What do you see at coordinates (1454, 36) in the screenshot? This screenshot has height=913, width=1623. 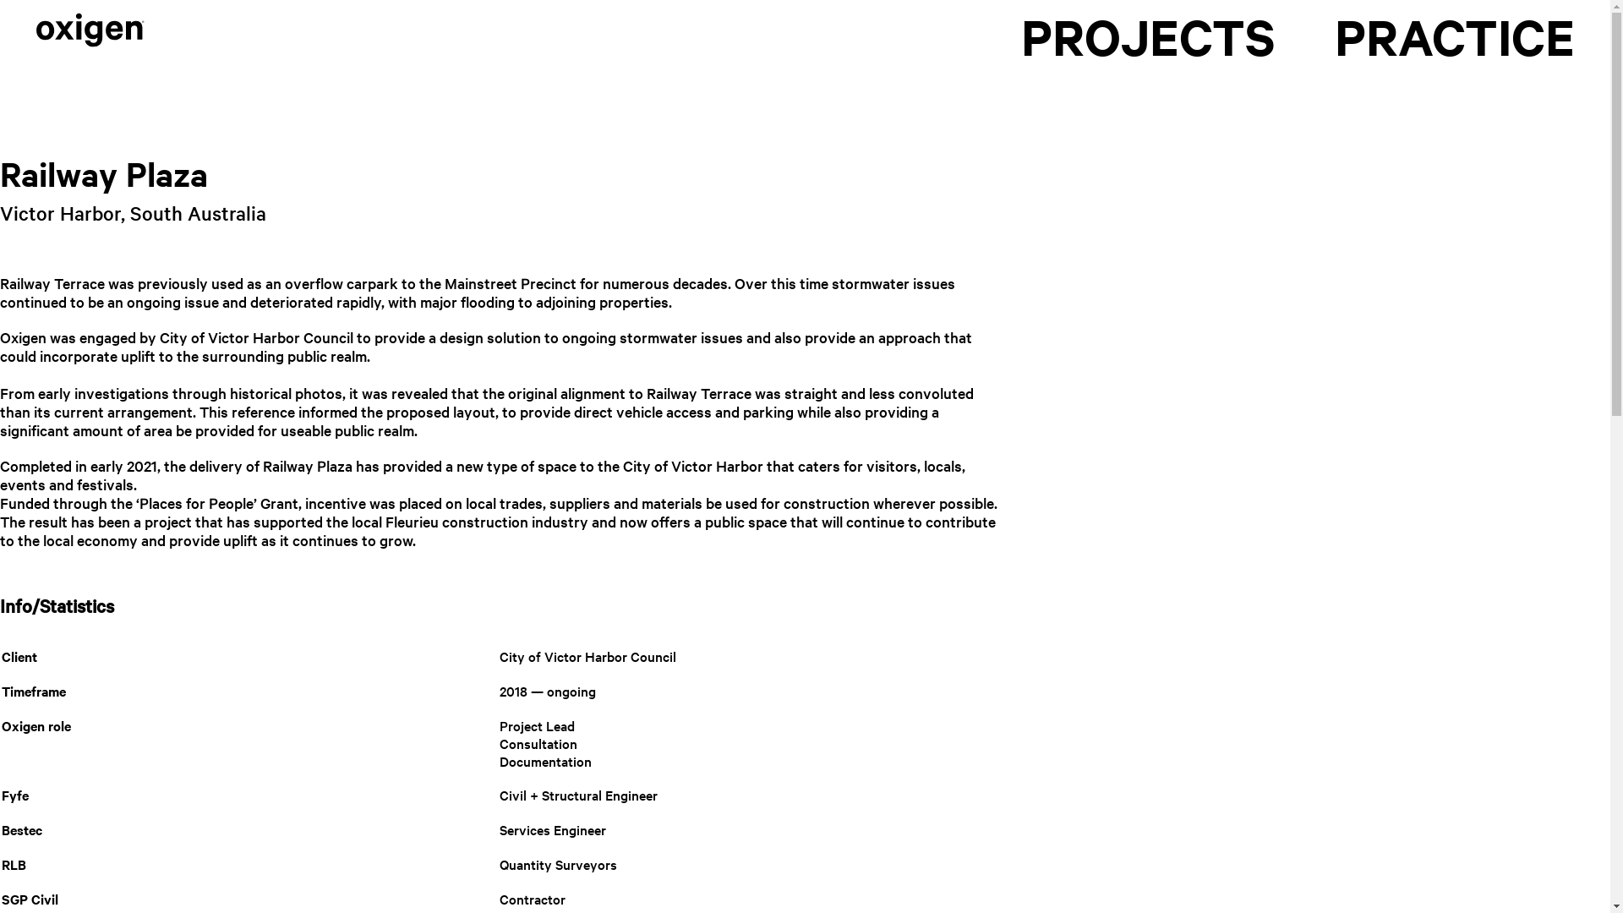 I see `'PRACTICE'` at bounding box center [1454, 36].